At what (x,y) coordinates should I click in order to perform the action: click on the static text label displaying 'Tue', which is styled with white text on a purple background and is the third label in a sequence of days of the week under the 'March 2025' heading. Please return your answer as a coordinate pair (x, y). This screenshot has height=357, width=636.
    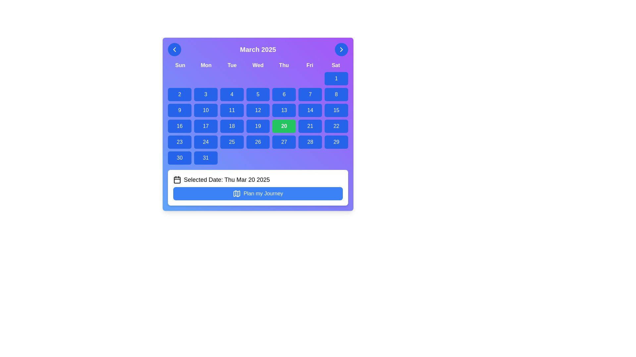
    Looking at the image, I should click on (232, 65).